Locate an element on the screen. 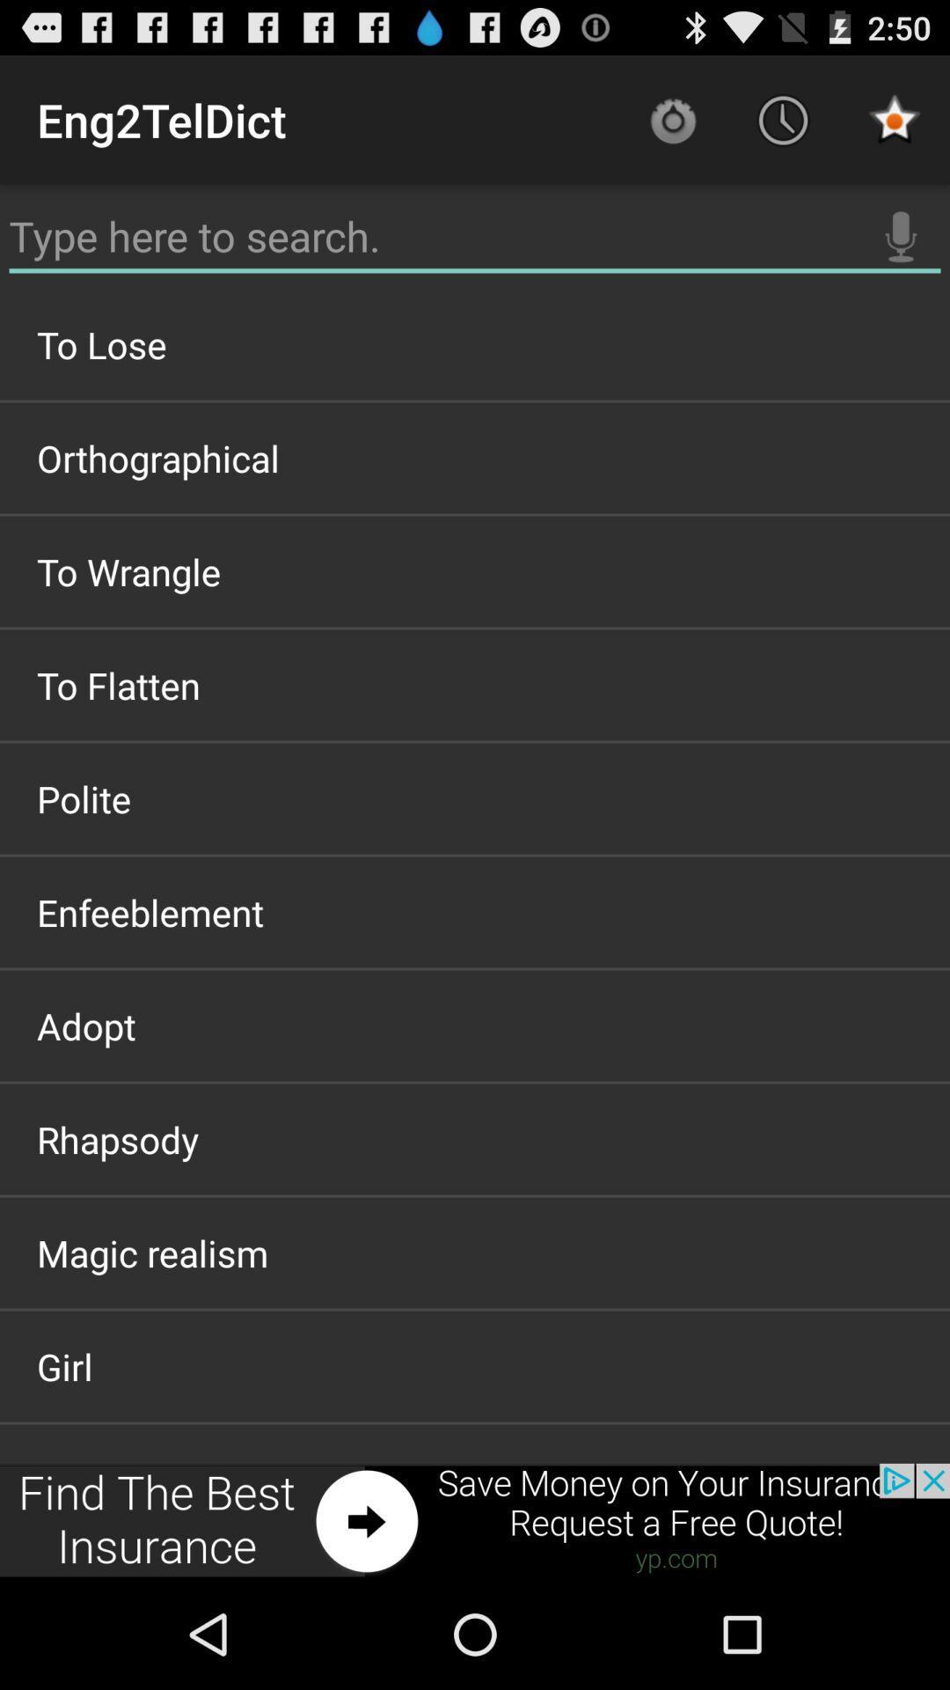 This screenshot has width=950, height=1690. the item above orthographical item is located at coordinates (475, 344).